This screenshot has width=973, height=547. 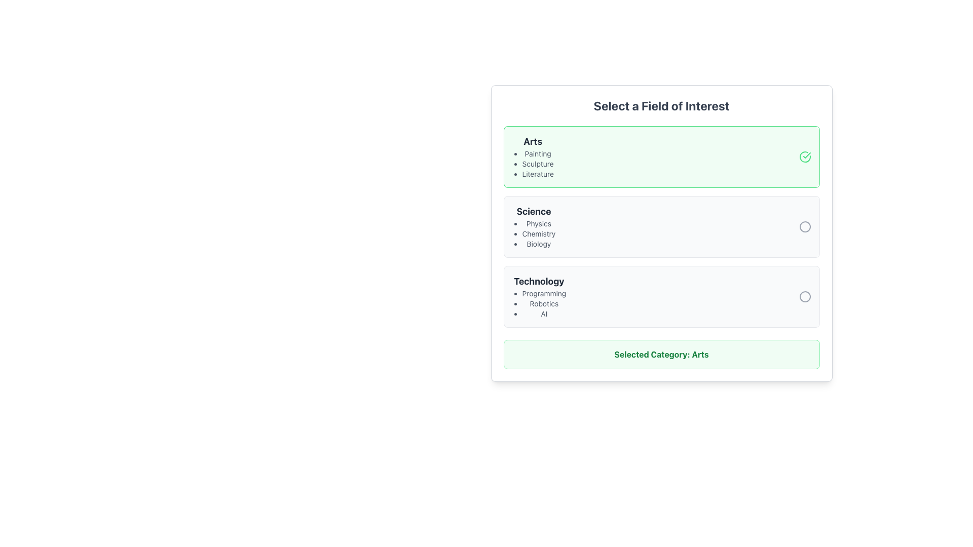 What do you see at coordinates (661, 354) in the screenshot?
I see `text displayed in the Text Label indicating the currently selected category, which is 'Arts'. This label is located beneath the category list and is visually confirmed by a green outline` at bounding box center [661, 354].